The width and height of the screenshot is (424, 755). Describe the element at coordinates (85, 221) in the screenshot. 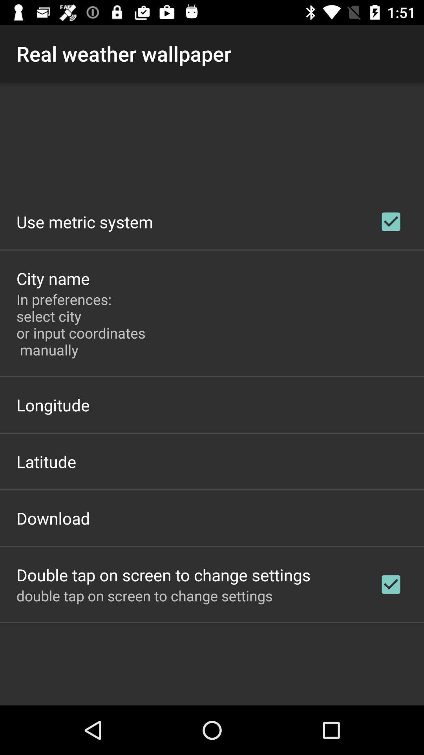

I see `the use metric system app` at that location.